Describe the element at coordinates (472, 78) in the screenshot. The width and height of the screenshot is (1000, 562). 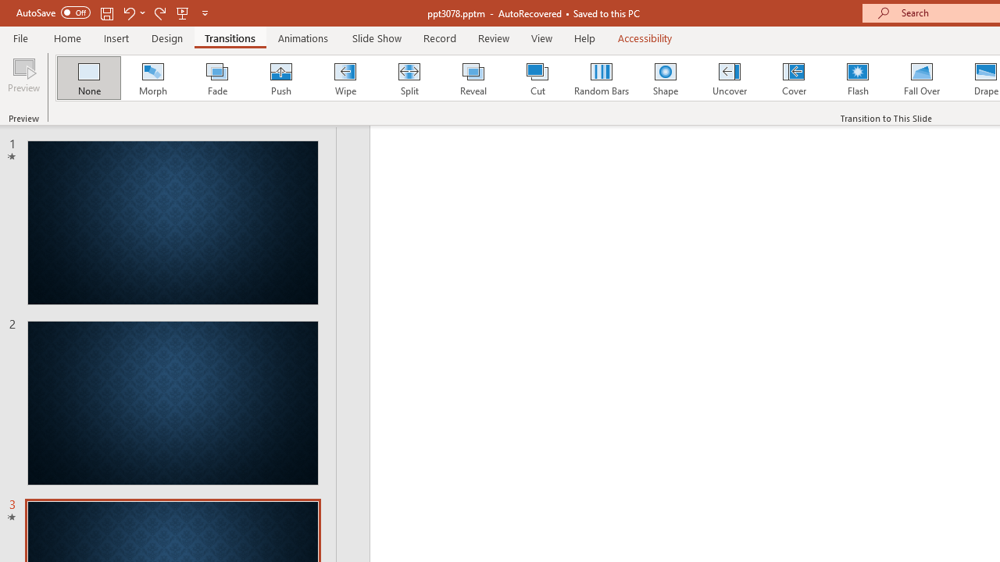
I see `'Reveal'` at that location.